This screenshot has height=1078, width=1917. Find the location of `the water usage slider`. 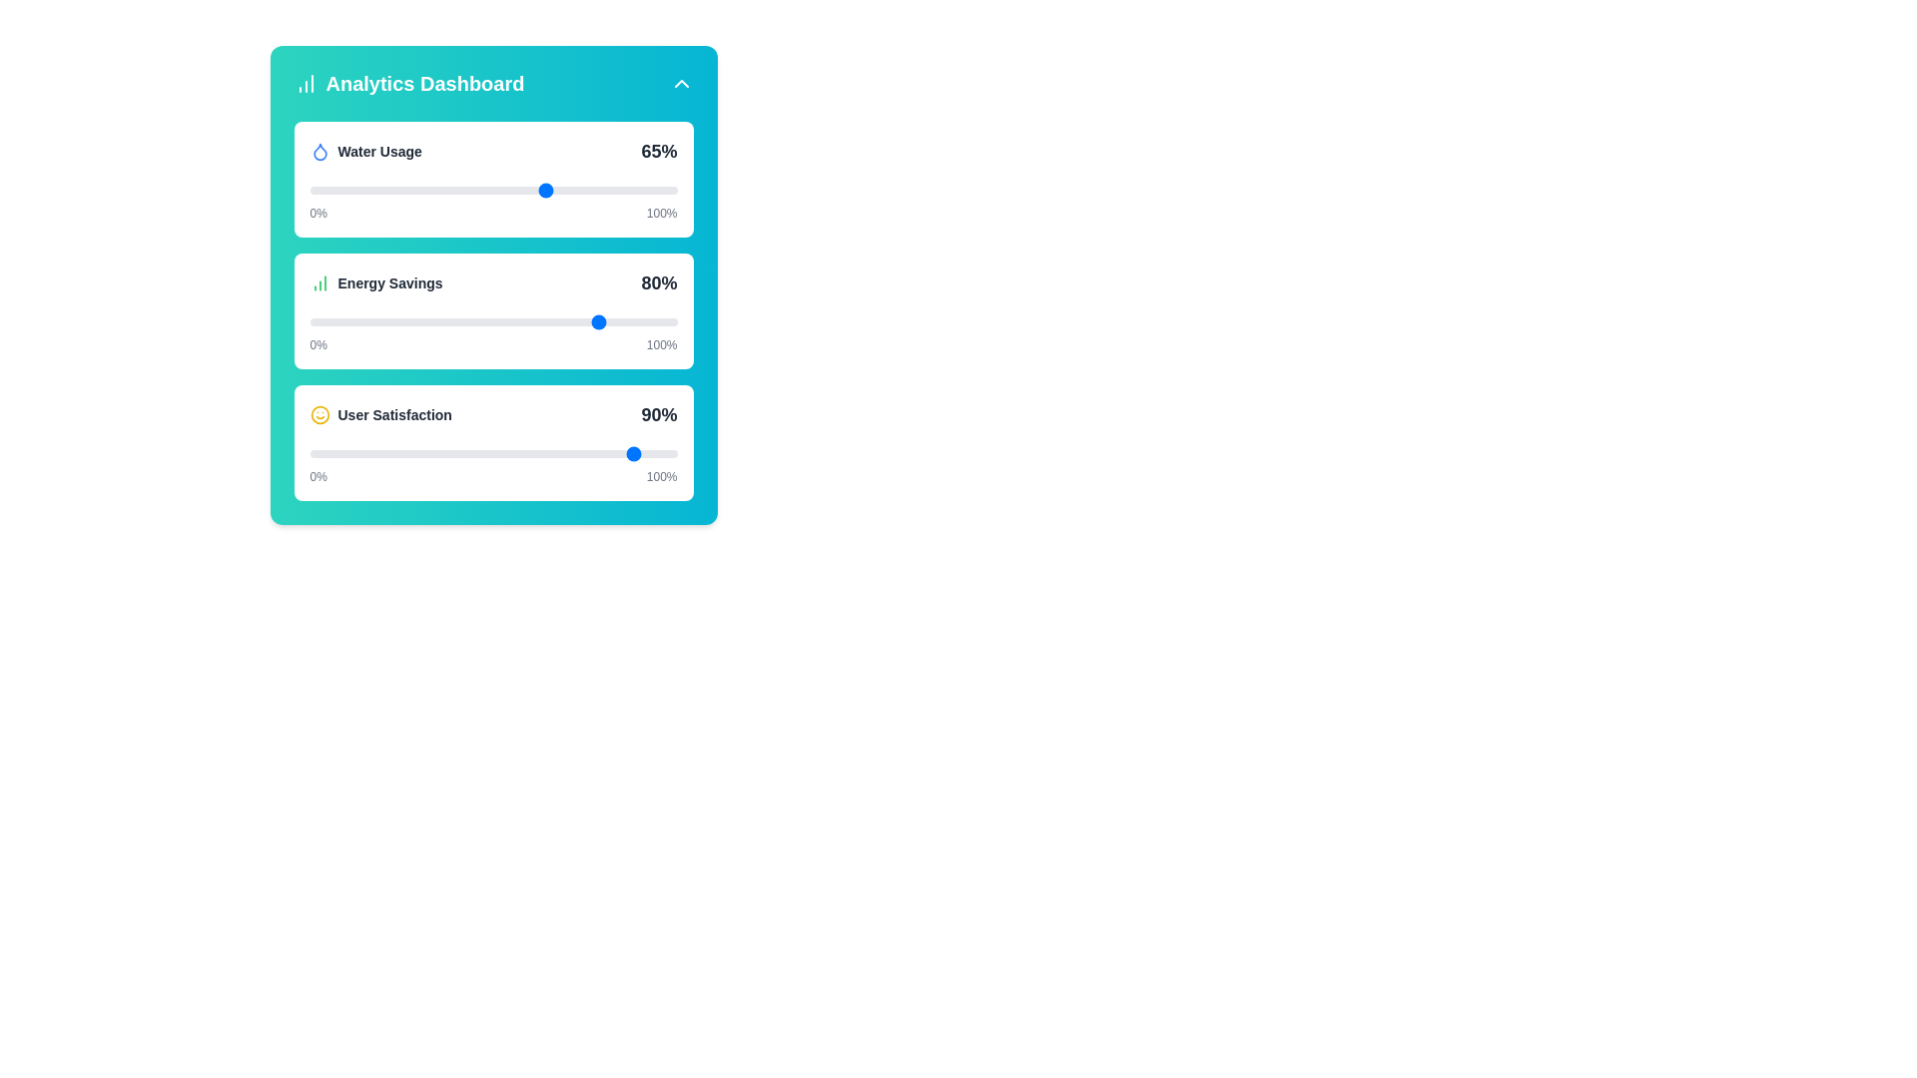

the water usage slider is located at coordinates (407, 191).